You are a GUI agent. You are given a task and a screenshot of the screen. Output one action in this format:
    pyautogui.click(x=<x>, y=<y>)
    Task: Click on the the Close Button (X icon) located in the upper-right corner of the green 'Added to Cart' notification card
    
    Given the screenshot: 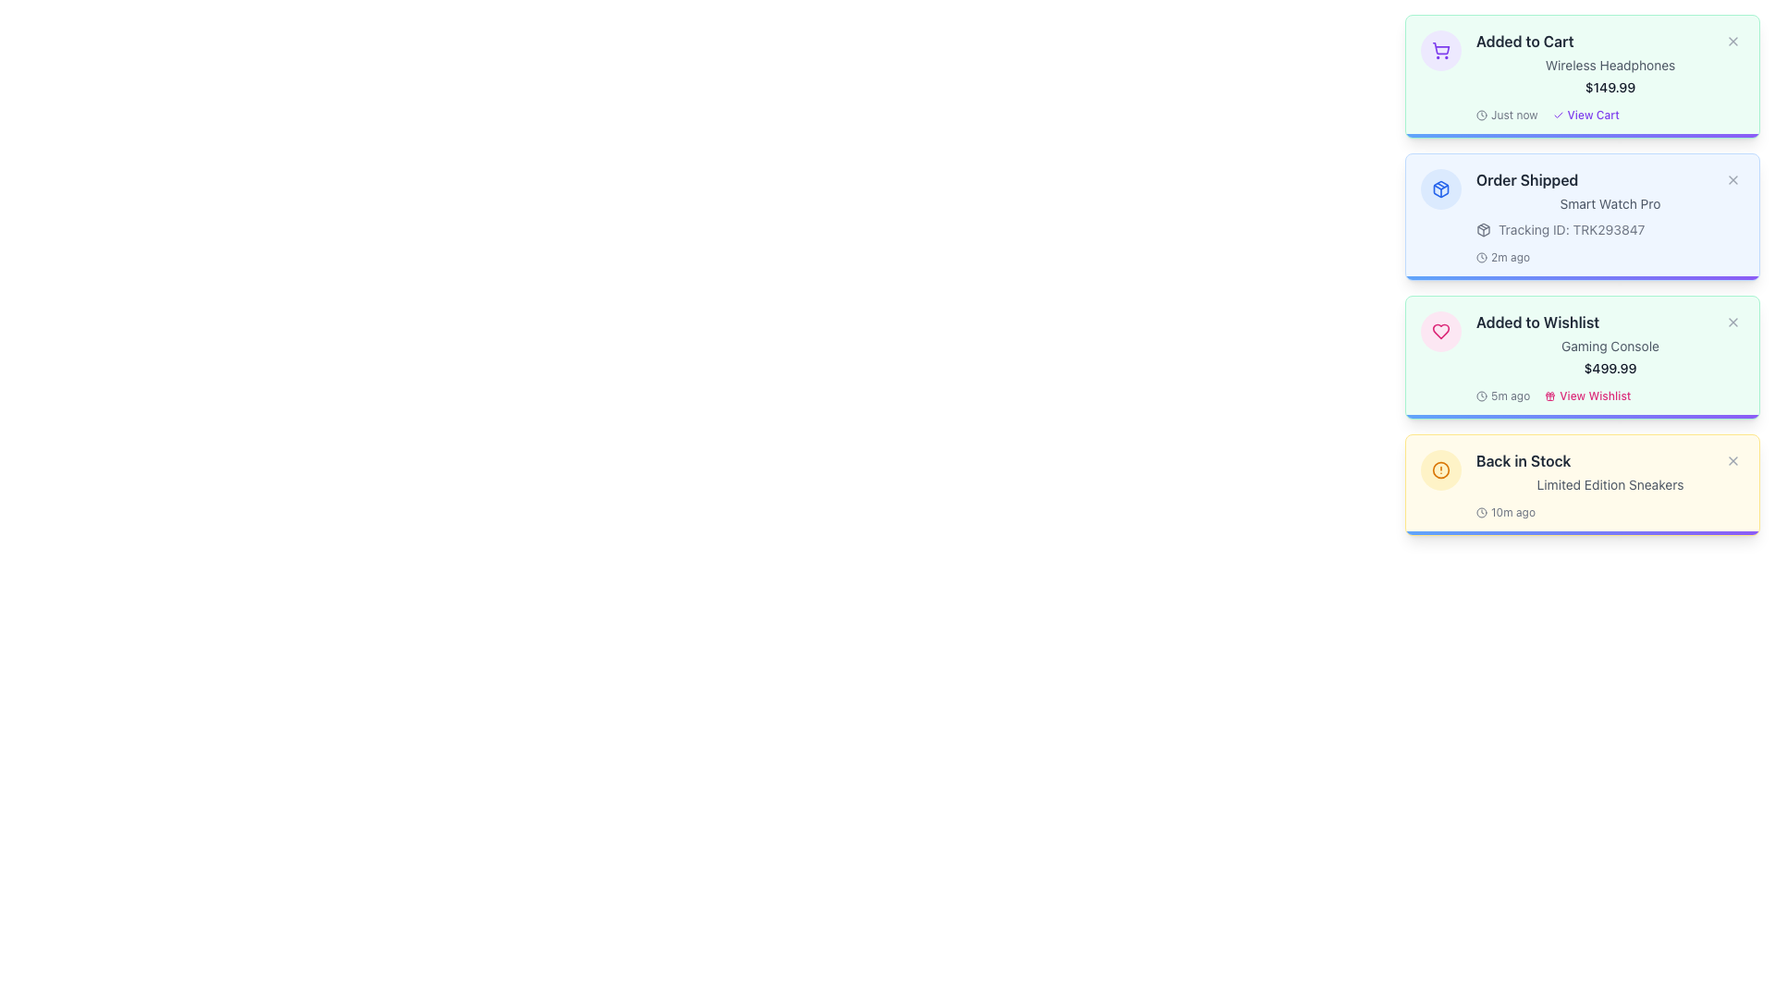 What is the action you would take?
    pyautogui.click(x=1732, y=42)
    